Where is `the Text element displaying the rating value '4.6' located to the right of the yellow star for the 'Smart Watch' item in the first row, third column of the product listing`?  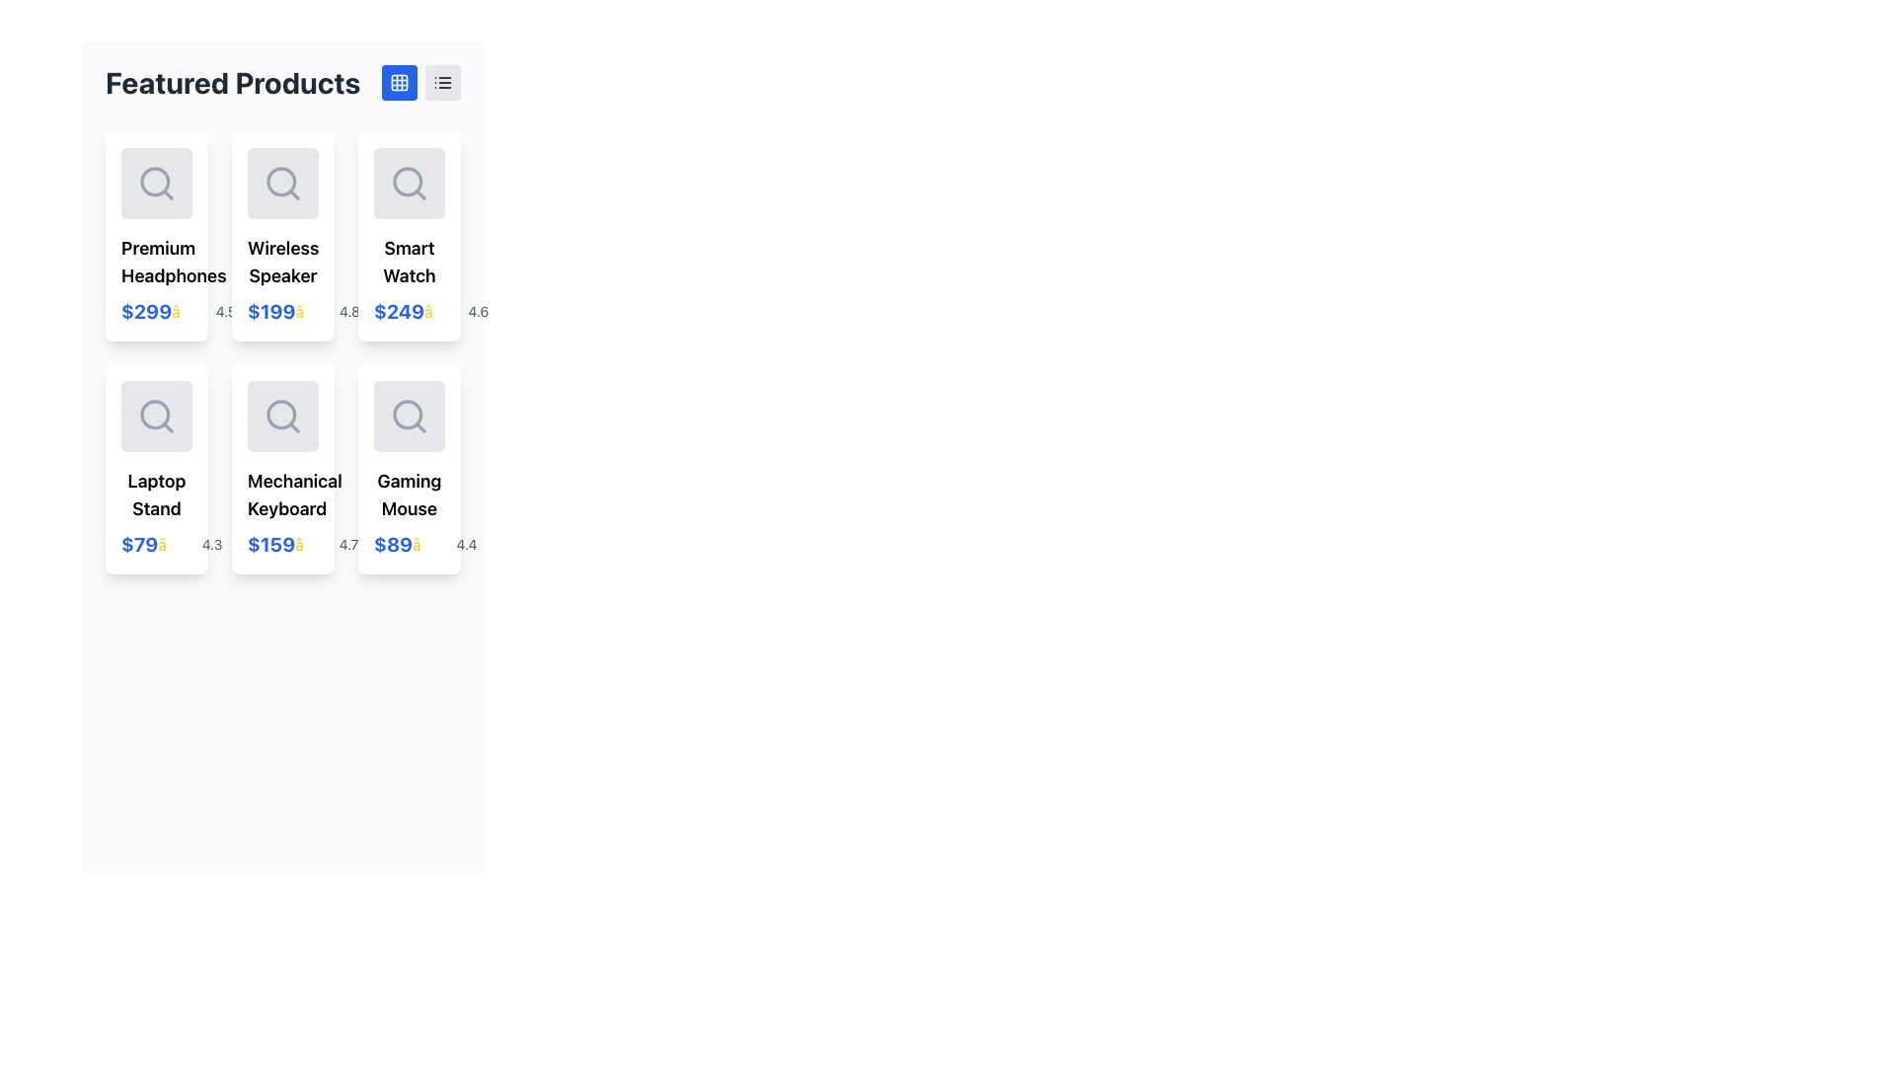 the Text element displaying the rating value '4.6' located to the right of the yellow star for the 'Smart Watch' item in the first row, third column of the product listing is located at coordinates (478, 311).